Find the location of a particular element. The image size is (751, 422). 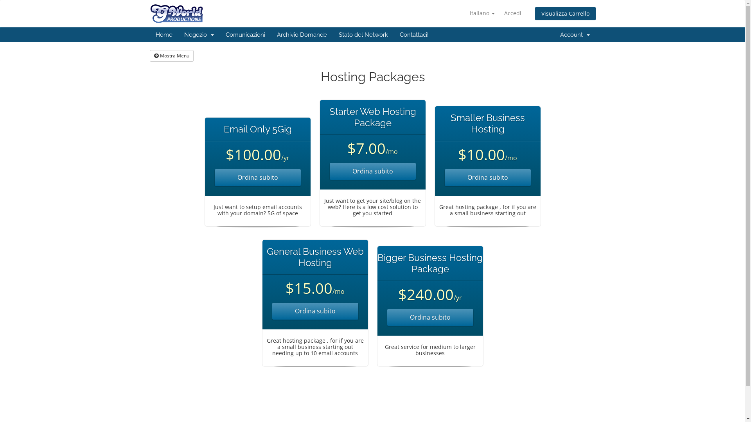

'Contattaci!' is located at coordinates (413, 34).